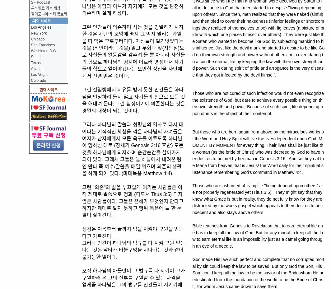  What do you see at coordinates (133, 100) in the screenshot?
I see `'그런 전염병에서 치유를 받지 못한 인간들은 하나님을 인정하려 들지 않고 										자기들의 힘으로 모든 것을 해내려 든다. 그런 심정이기에 의존한다는 것은 										경멸의 대상이 되는 것이다.'` at bounding box center [133, 100].